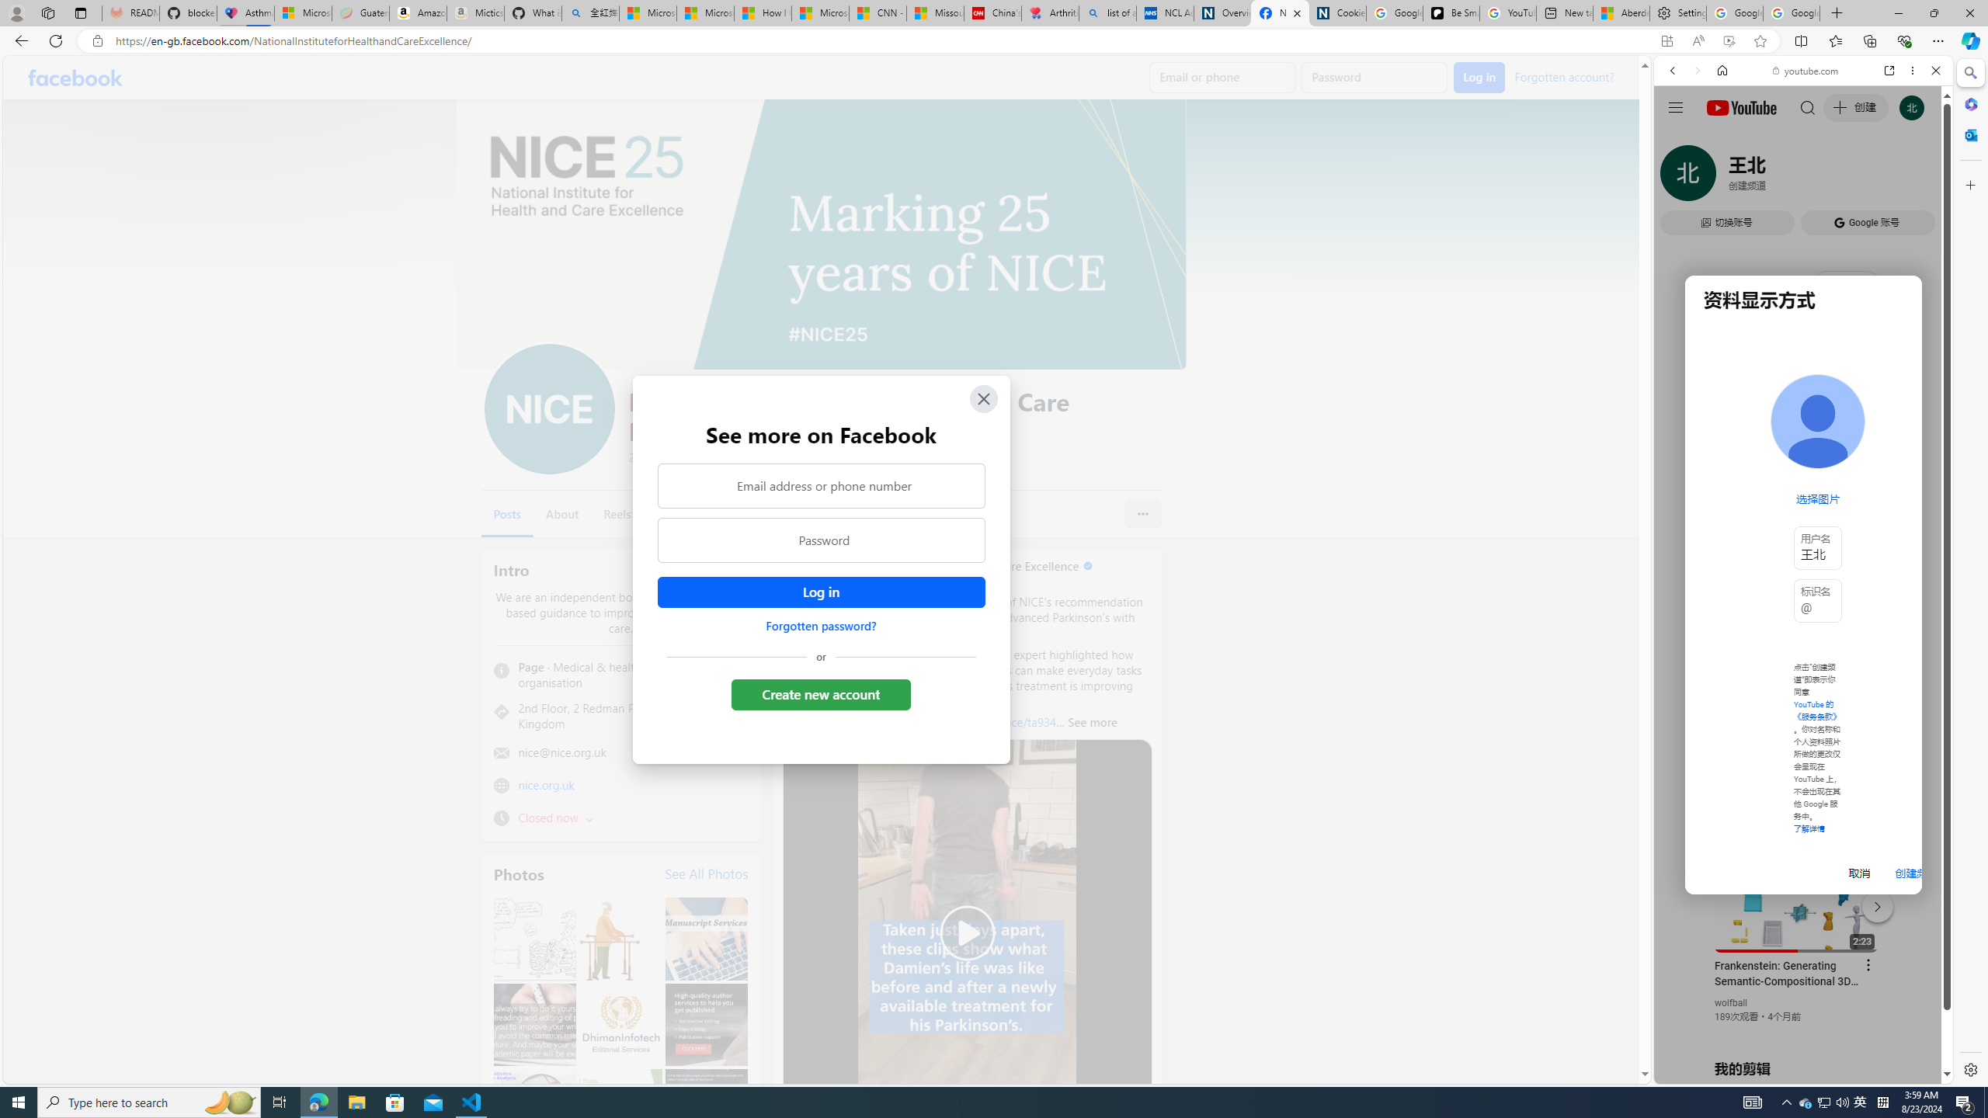 The image size is (1988, 1118). I want to click on 'Facebook', so click(75, 77).